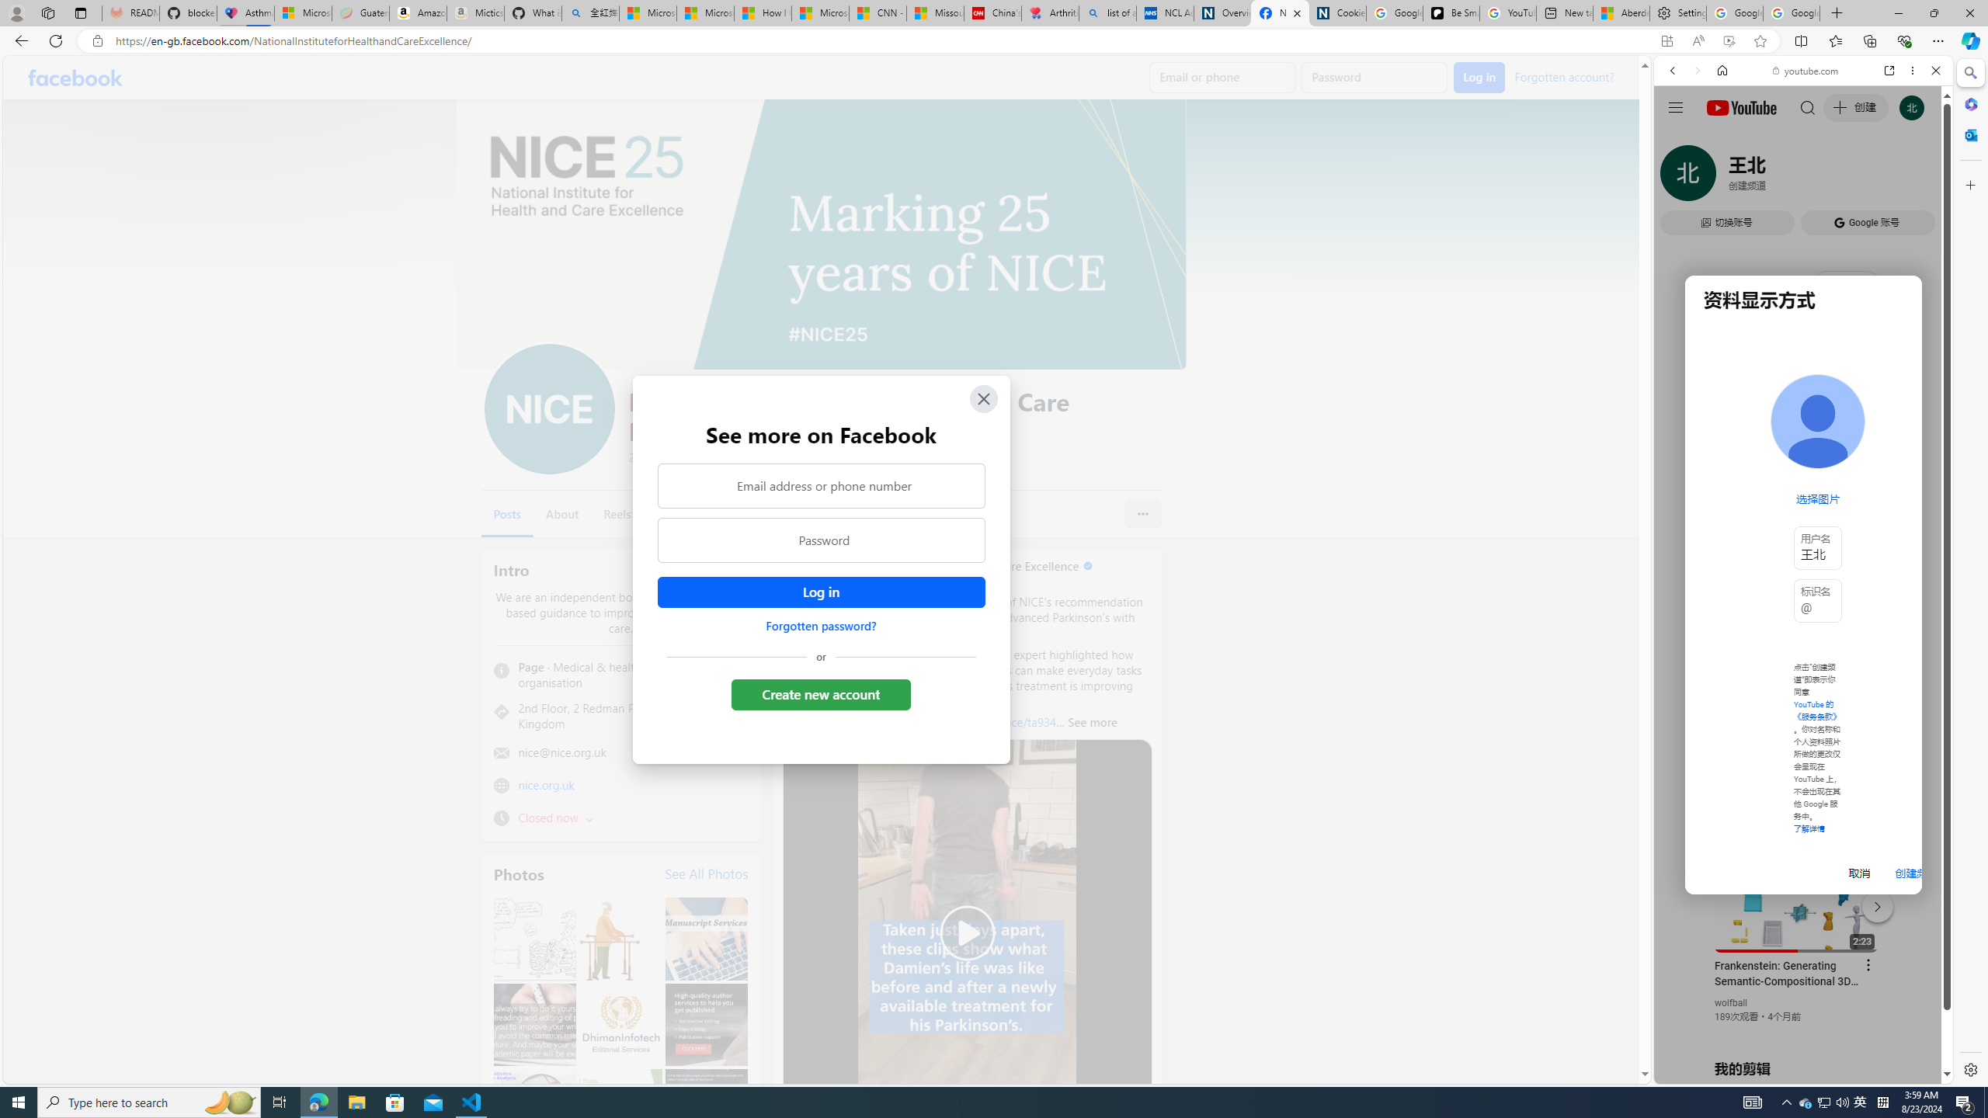 The image size is (1988, 1118). I want to click on 'Facebook', so click(75, 77).